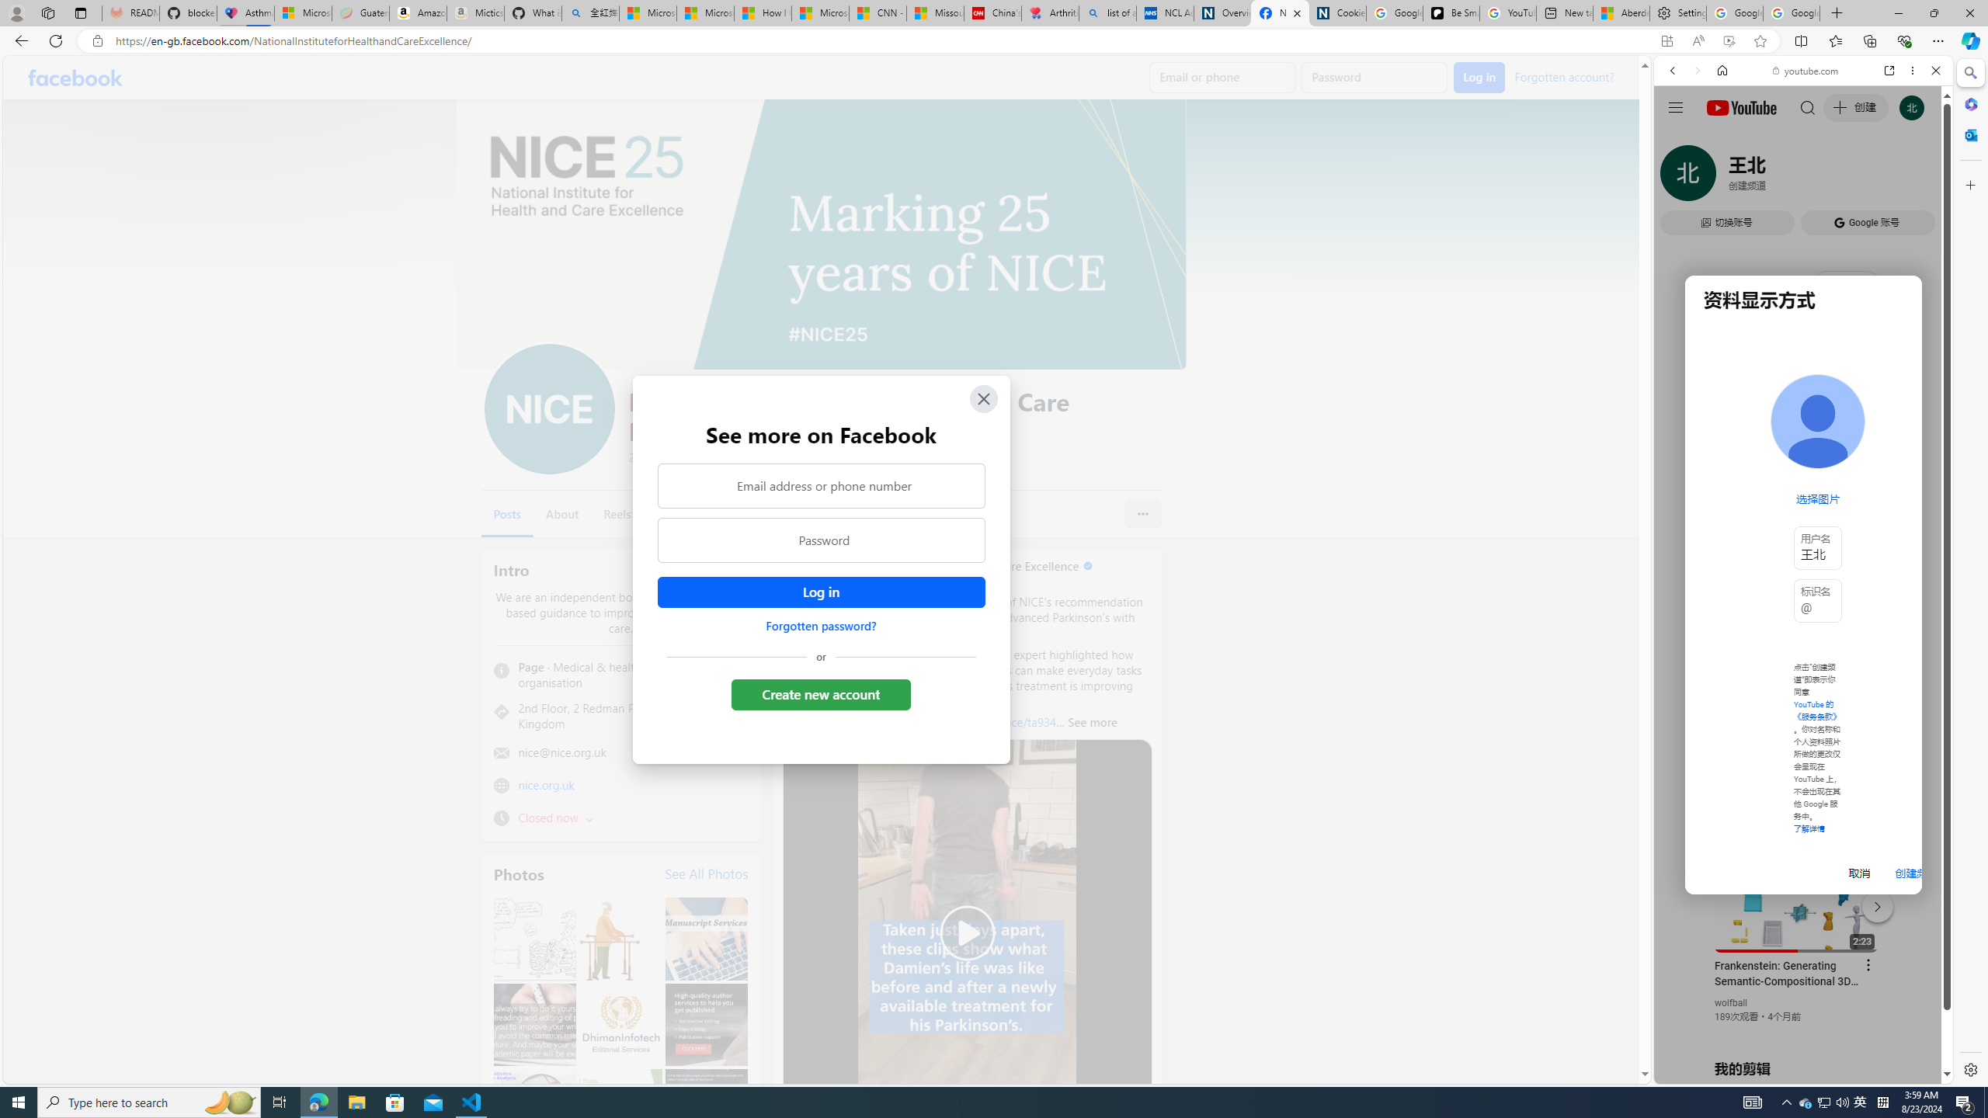 The image size is (1988, 1118). I want to click on 'Facebook', so click(75, 77).